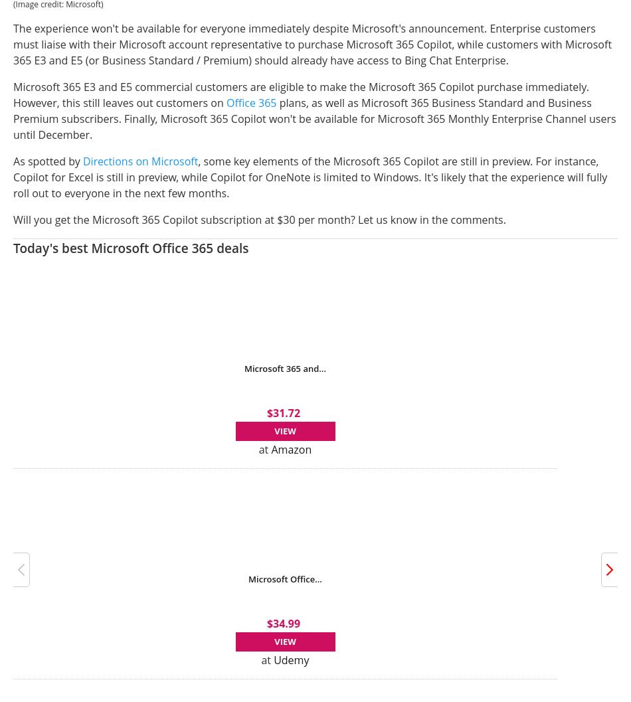  I want to click on '$31.72', so click(282, 412).